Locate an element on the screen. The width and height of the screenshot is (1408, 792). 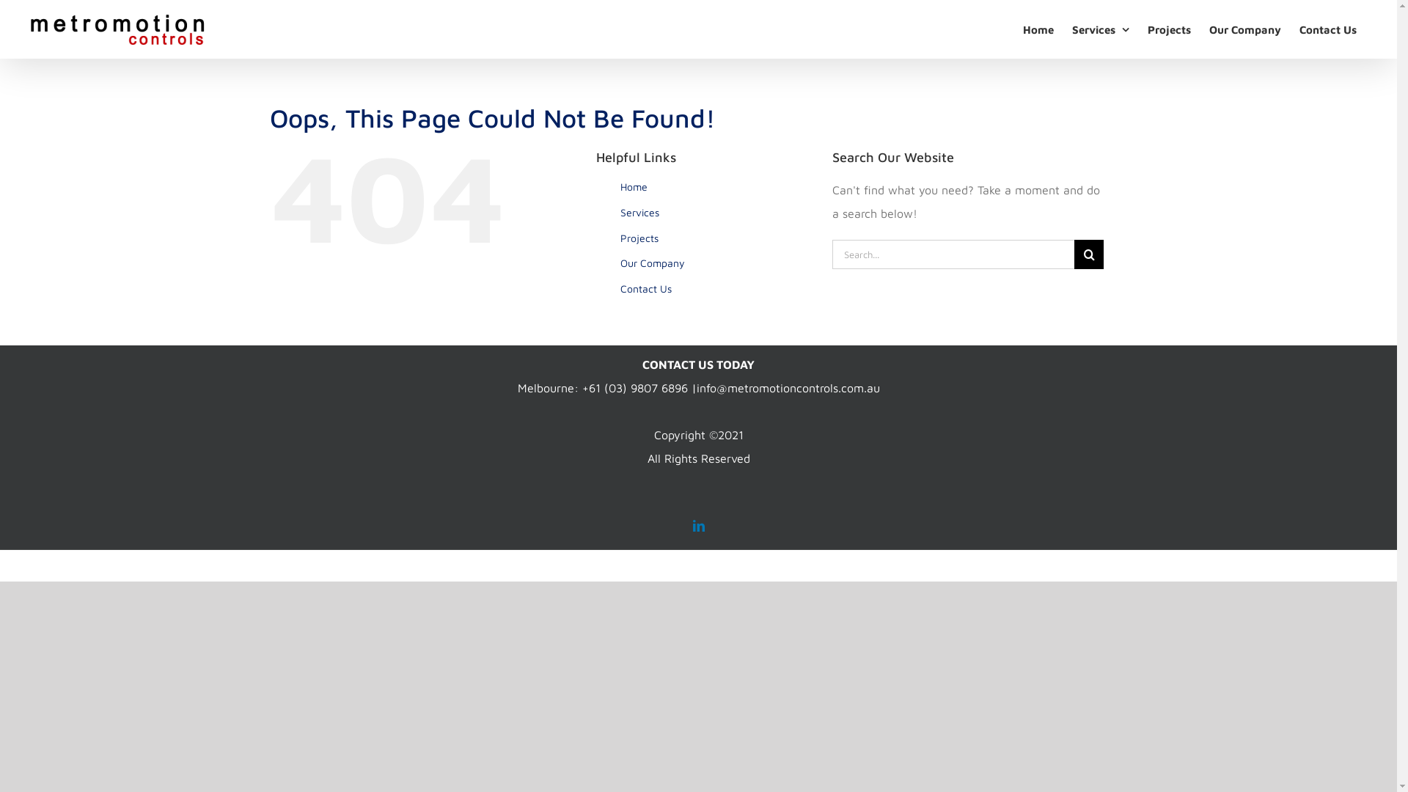
'Our Company' is located at coordinates (1244, 29).